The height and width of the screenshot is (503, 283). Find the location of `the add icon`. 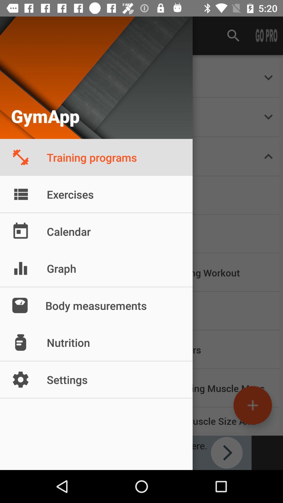

the add icon is located at coordinates (252, 405).